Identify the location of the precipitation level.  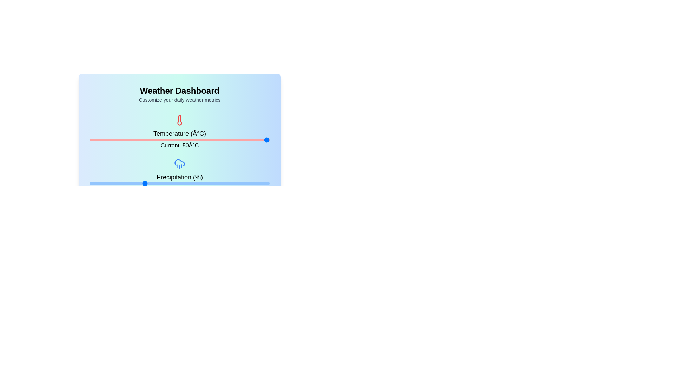
(219, 183).